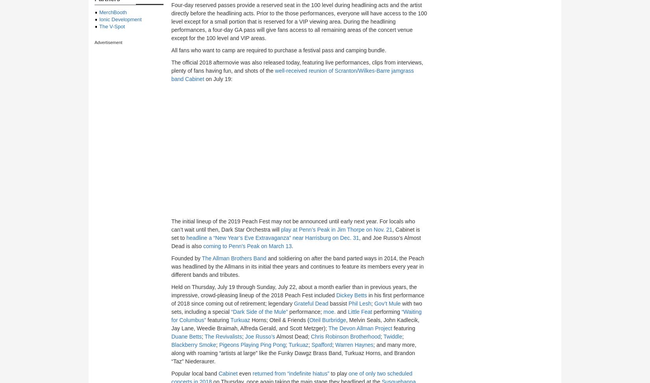 The height and width of the screenshot is (383, 650). What do you see at coordinates (290, 373) in the screenshot?
I see `'returned from “indefinite hiatus”'` at bounding box center [290, 373].